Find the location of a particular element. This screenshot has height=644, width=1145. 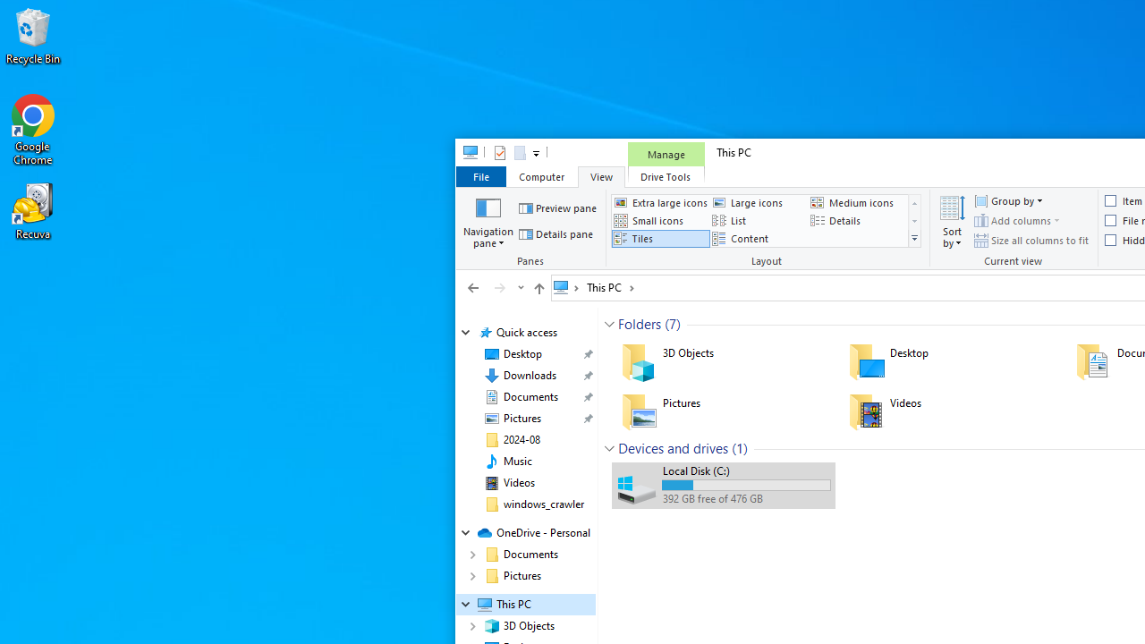

'Up band toolbar' is located at coordinates (538, 290).